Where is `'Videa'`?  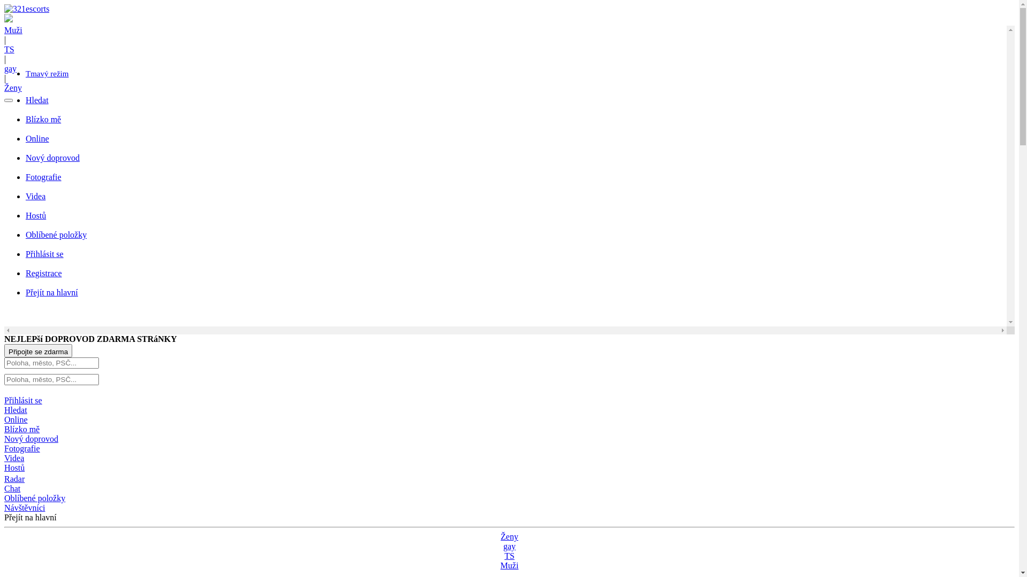
'Videa' is located at coordinates (14, 457).